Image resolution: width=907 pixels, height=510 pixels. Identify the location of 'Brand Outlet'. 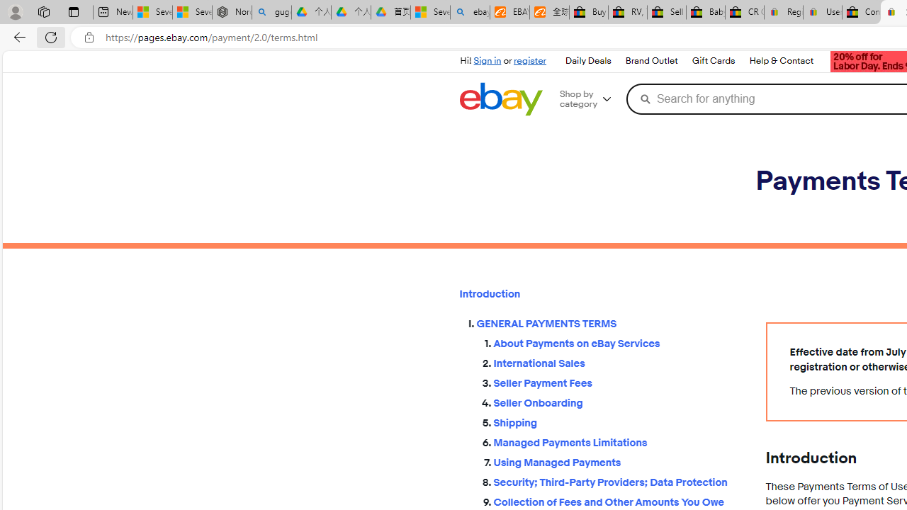
(650, 60).